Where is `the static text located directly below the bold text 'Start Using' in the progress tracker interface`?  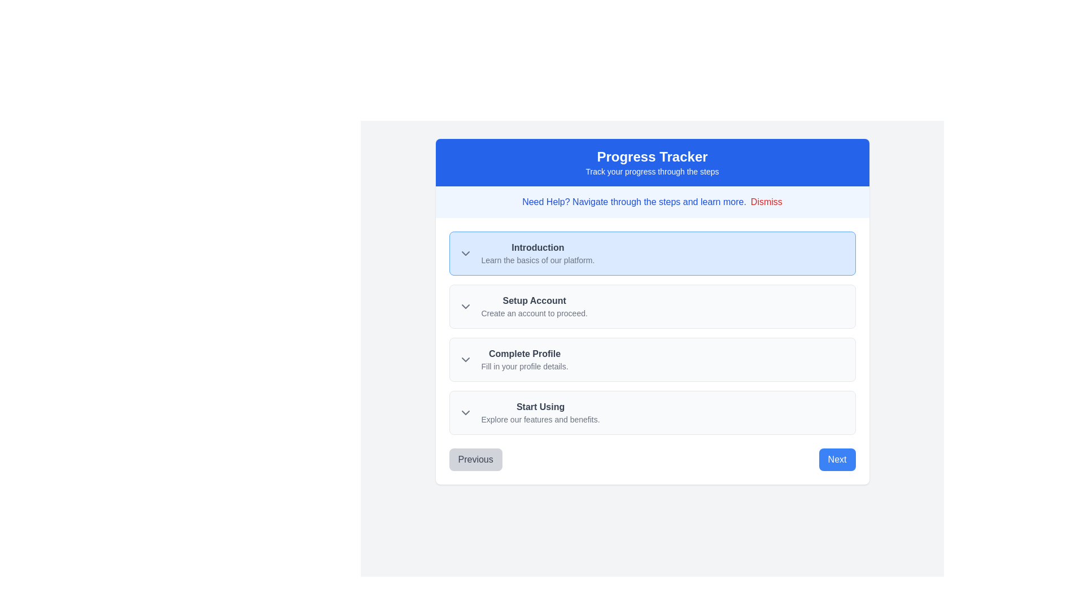 the static text located directly below the bold text 'Start Using' in the progress tracker interface is located at coordinates (540, 420).